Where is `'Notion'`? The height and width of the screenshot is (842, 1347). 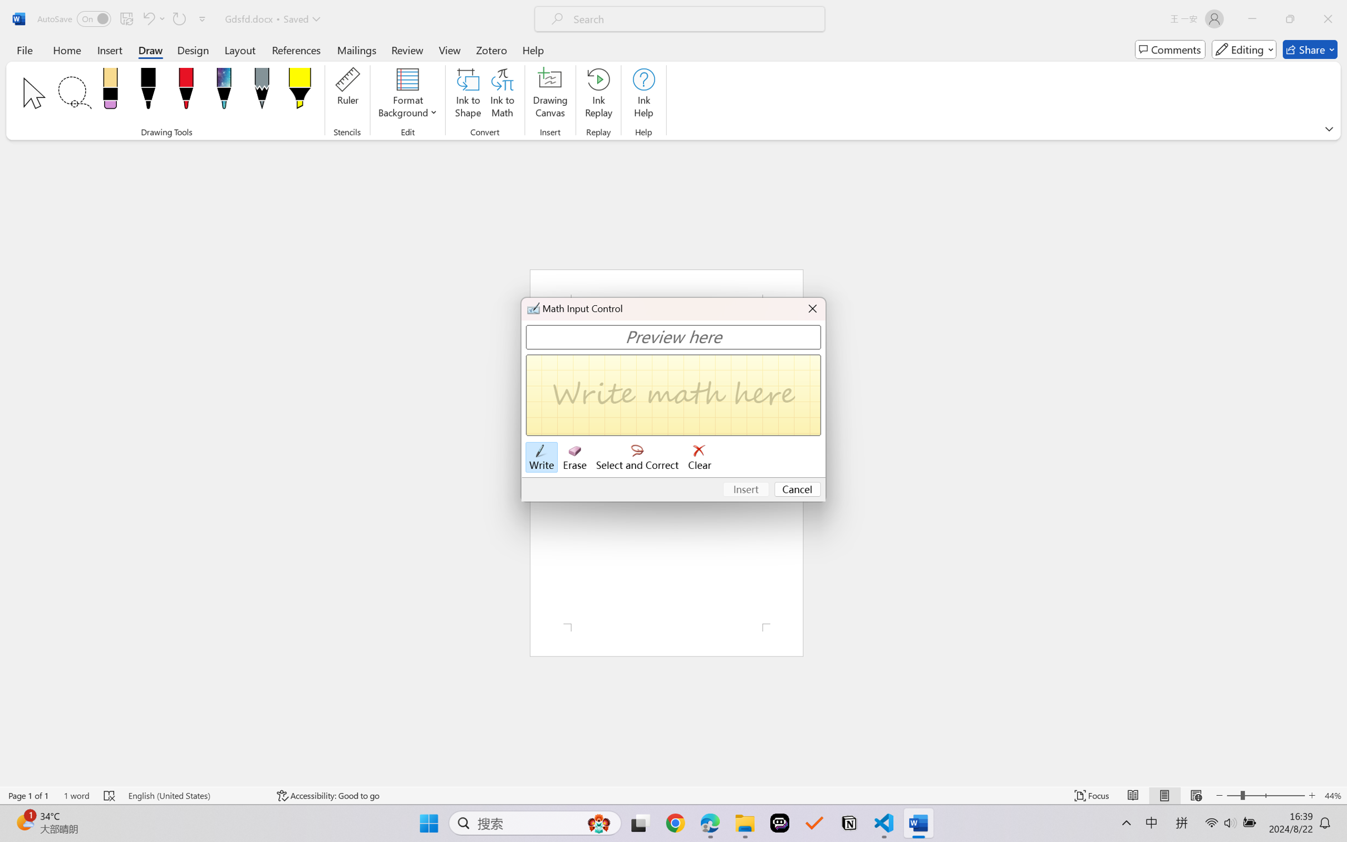
'Notion' is located at coordinates (849, 823).